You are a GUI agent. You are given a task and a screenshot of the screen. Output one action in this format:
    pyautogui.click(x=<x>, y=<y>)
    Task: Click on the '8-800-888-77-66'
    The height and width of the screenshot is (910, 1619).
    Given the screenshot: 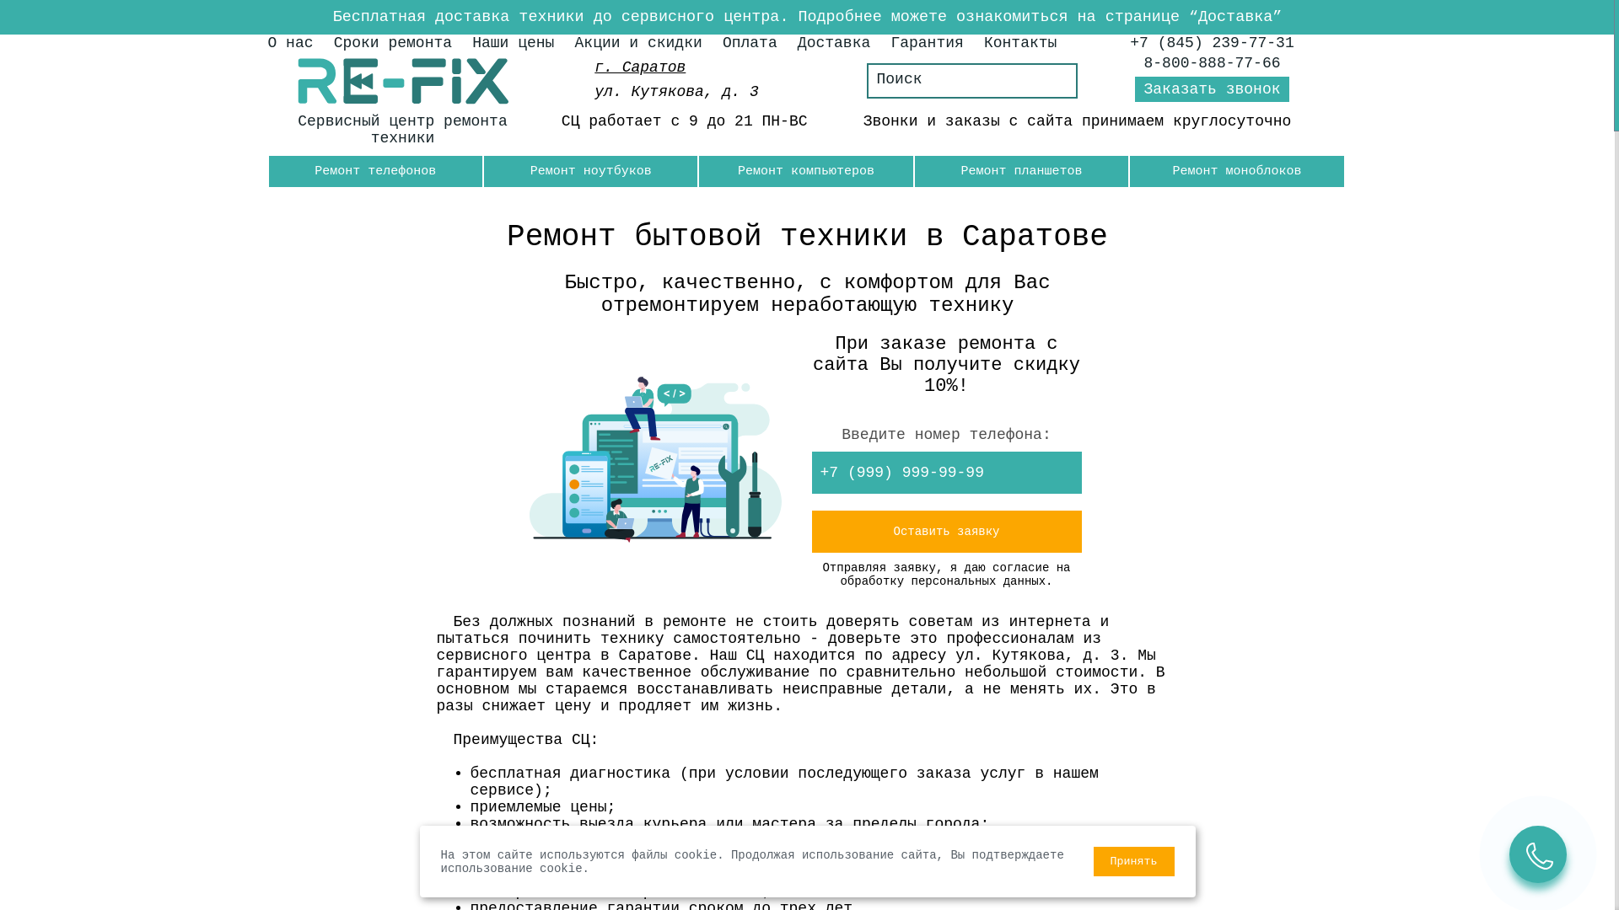 What is the action you would take?
    pyautogui.click(x=1212, y=62)
    